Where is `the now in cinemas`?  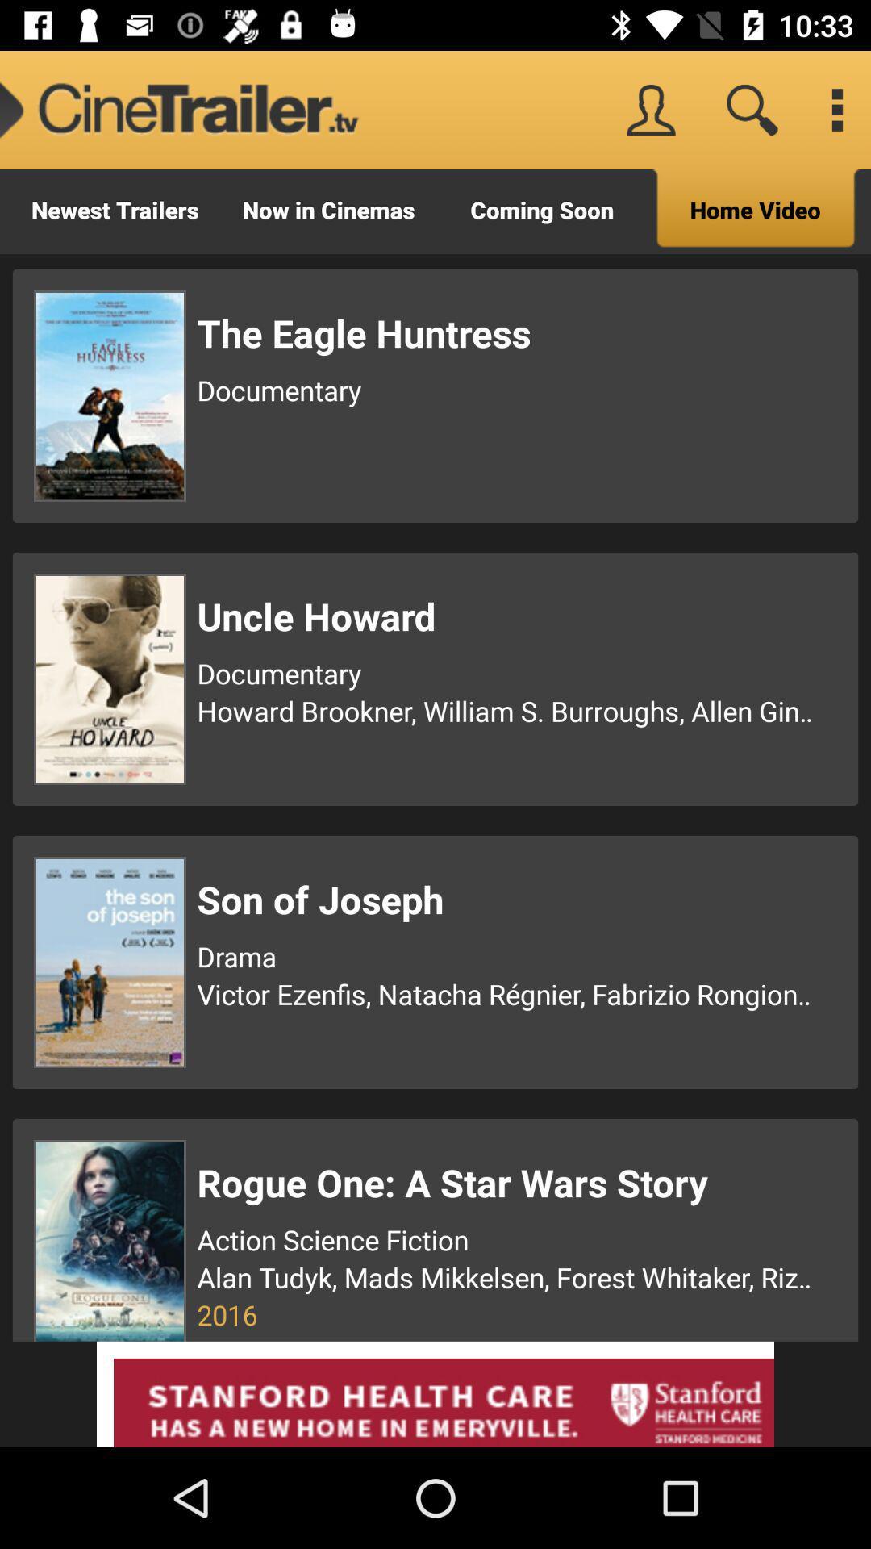 the now in cinemas is located at coordinates (327, 211).